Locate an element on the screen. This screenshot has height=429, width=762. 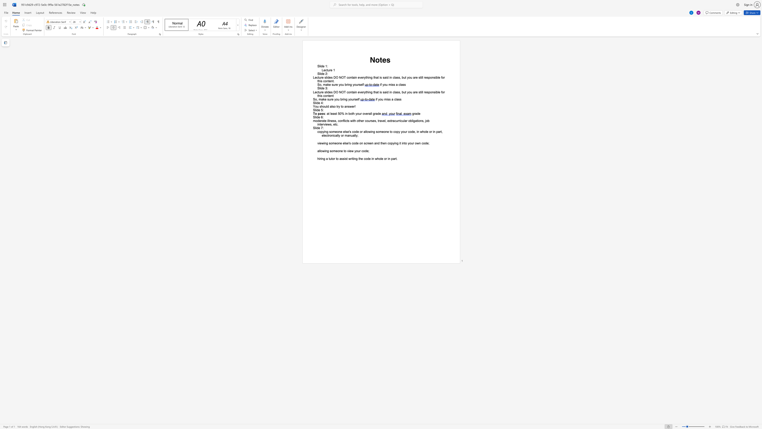
the subset text "r in part." within the text "writing the code in whole or in part." is located at coordinates (386, 158).